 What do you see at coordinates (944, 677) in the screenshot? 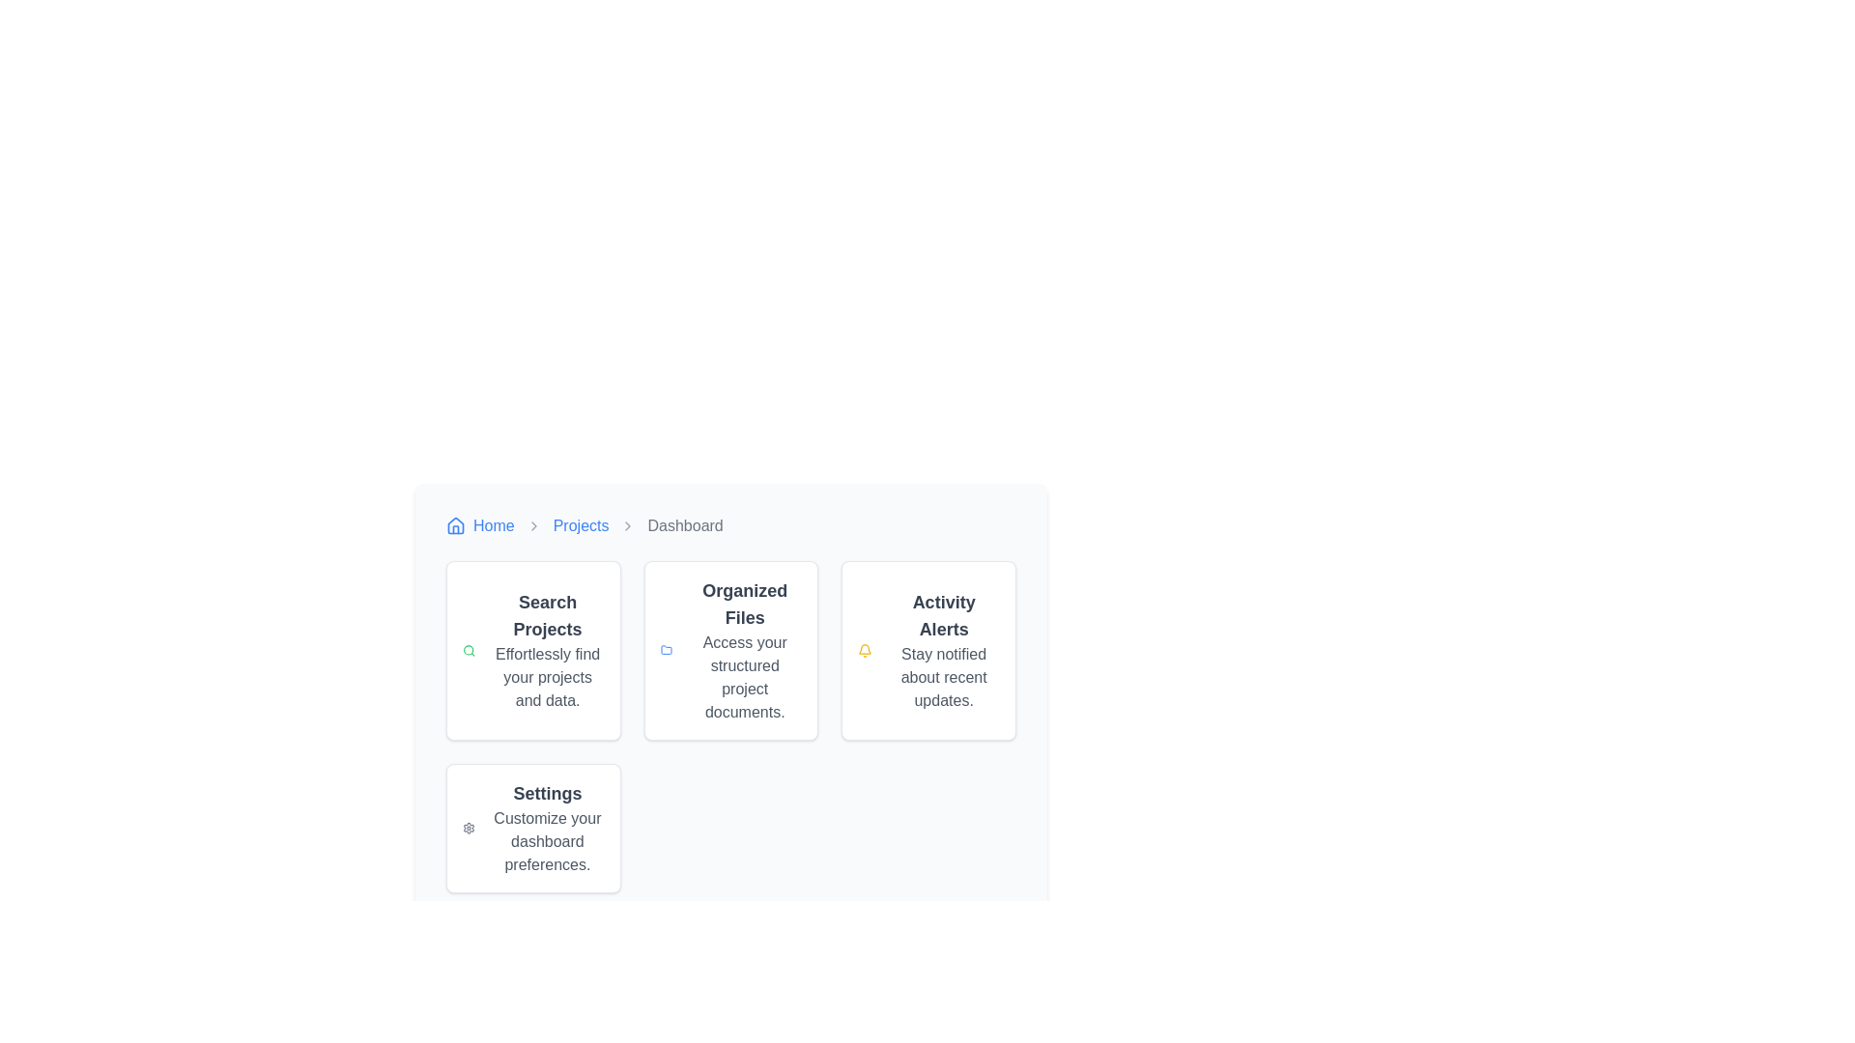
I see `the descriptive text label providing context for the 'Activity Alerts' card located below the title 'Activity Alerts' in the top-right card of the grid layout` at bounding box center [944, 677].